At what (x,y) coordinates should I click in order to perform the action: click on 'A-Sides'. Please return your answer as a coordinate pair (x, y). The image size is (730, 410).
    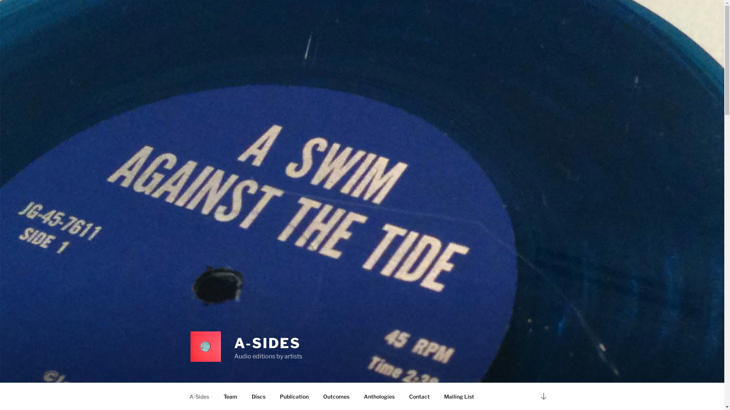
    Looking at the image, I should click on (199, 396).